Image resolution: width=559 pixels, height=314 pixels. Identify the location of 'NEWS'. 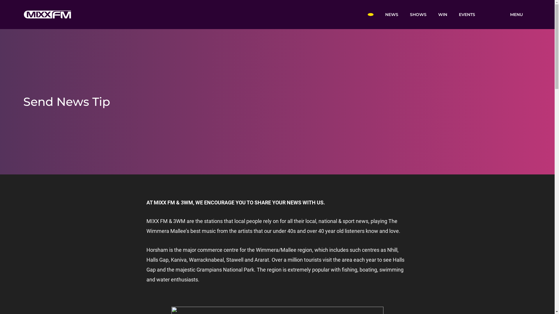
(379, 14).